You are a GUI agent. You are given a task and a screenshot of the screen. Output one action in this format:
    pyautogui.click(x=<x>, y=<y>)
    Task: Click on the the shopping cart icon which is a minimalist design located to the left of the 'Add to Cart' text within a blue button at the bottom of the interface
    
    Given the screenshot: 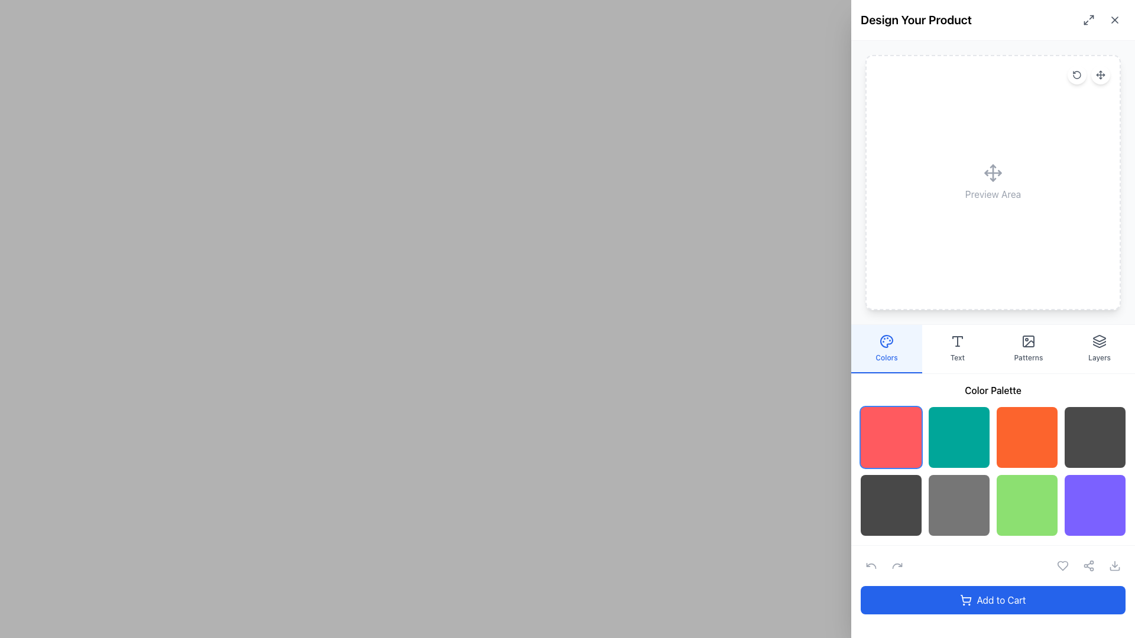 What is the action you would take?
    pyautogui.click(x=966, y=600)
    